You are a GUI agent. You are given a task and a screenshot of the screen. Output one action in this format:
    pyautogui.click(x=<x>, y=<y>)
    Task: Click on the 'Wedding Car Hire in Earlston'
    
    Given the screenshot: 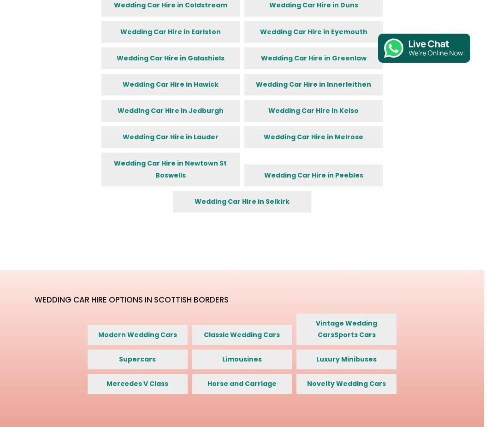 What is the action you would take?
    pyautogui.click(x=170, y=30)
    